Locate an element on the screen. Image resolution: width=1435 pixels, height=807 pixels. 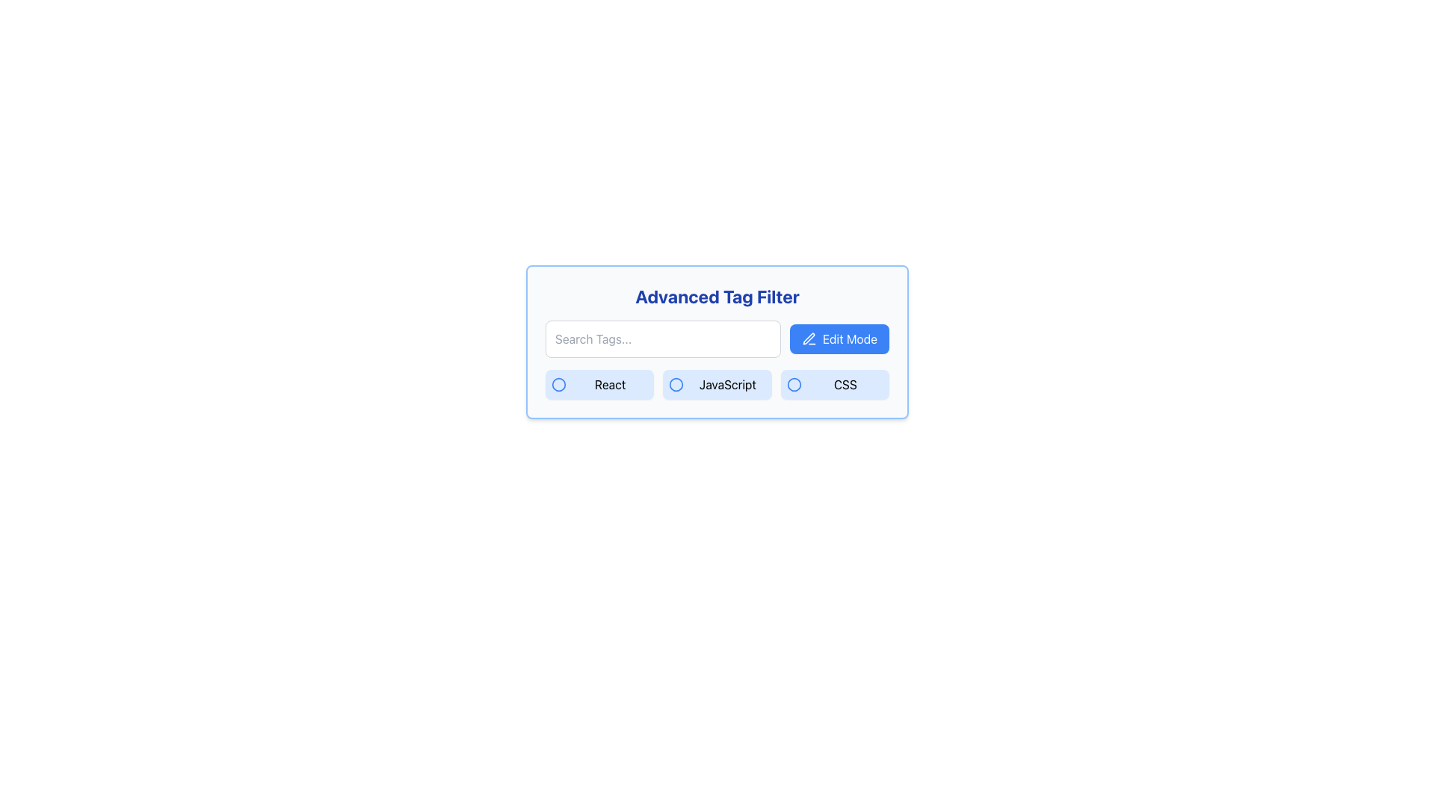
the circular radio button labeled 'CSS' is located at coordinates (834, 384).